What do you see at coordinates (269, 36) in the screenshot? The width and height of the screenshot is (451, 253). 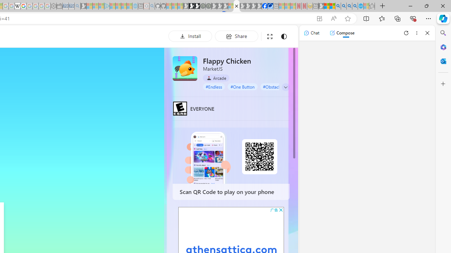 I see `'Full screen'` at bounding box center [269, 36].